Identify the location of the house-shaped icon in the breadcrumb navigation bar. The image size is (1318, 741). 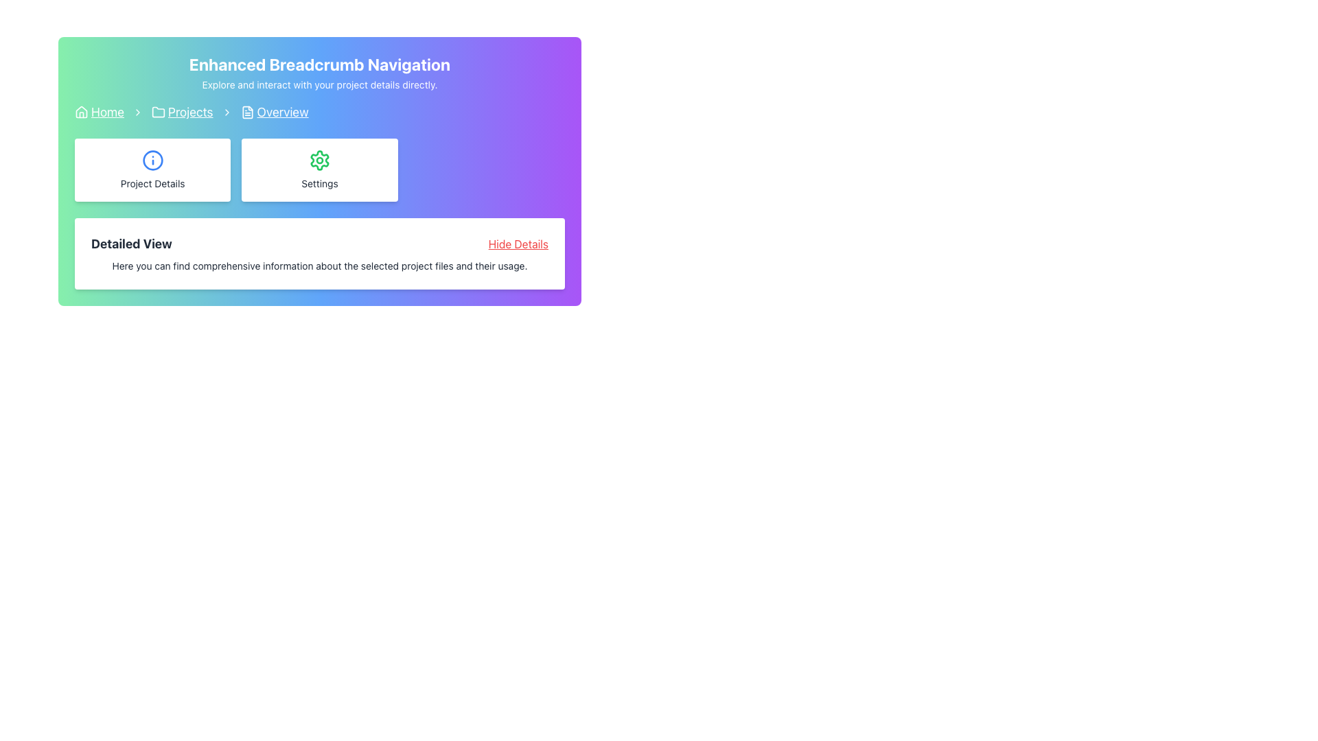
(81, 110).